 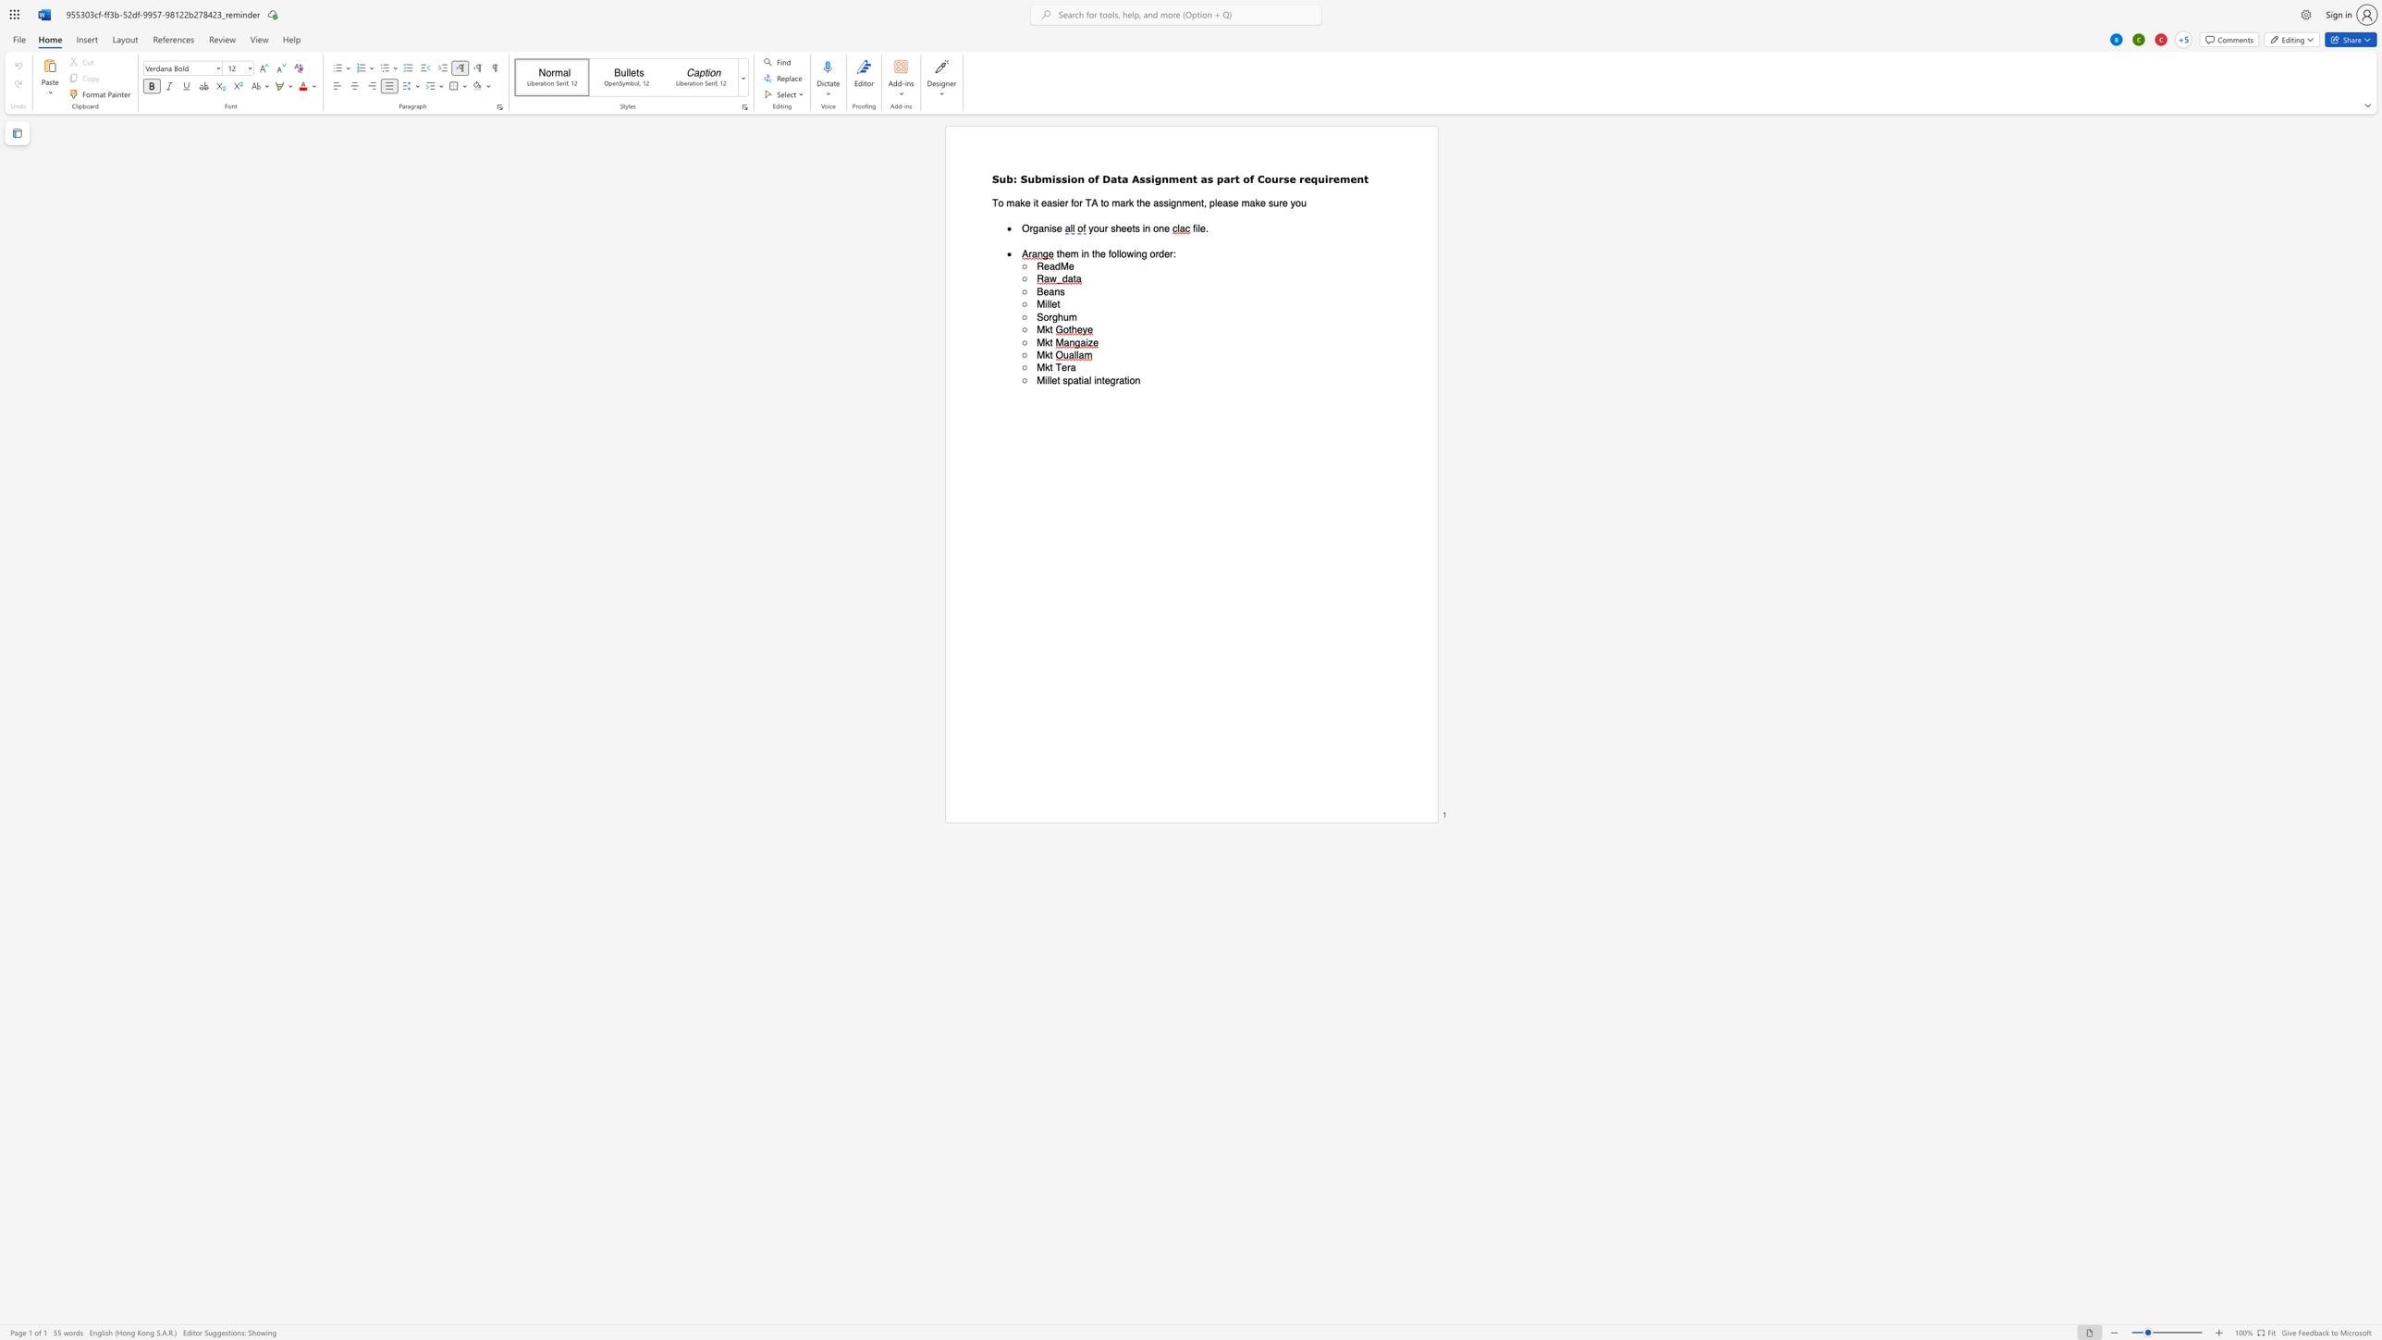 What do you see at coordinates (1162, 203) in the screenshot?
I see `the space between the continuous character "s" and "s" in the text` at bounding box center [1162, 203].